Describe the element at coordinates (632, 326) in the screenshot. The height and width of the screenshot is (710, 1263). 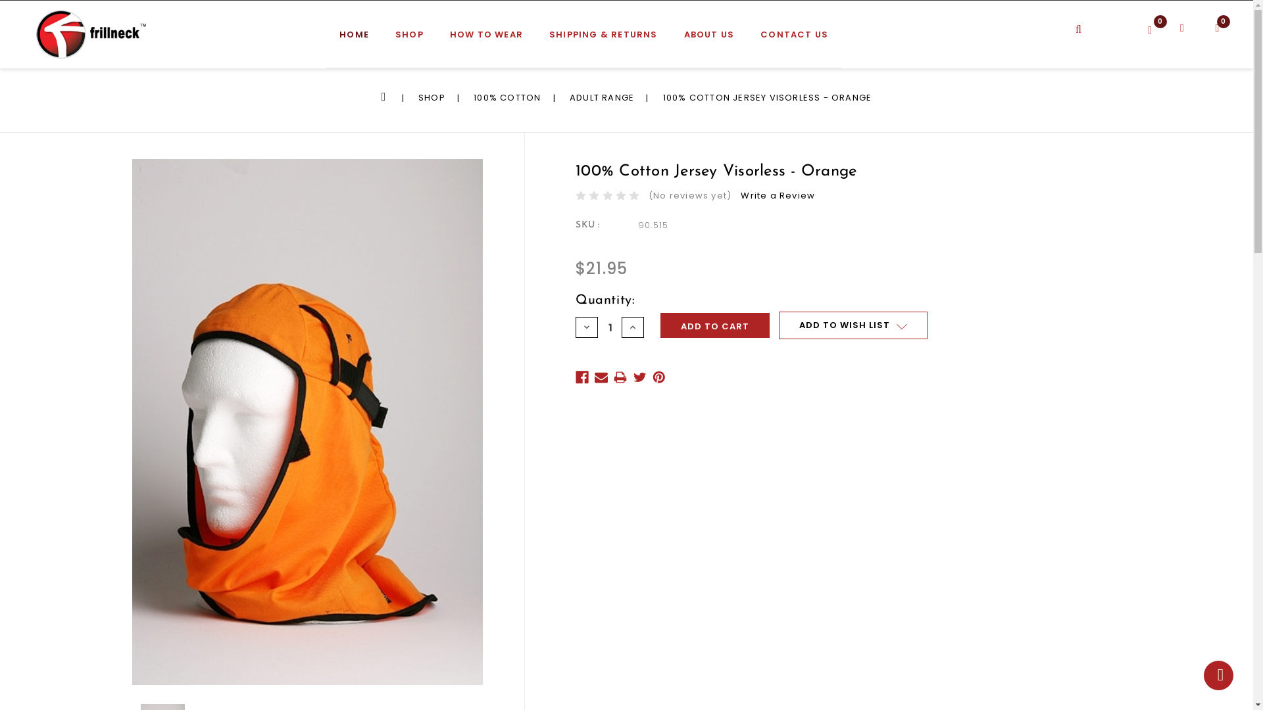
I see `'INCREASE QUANTITY:'` at that location.